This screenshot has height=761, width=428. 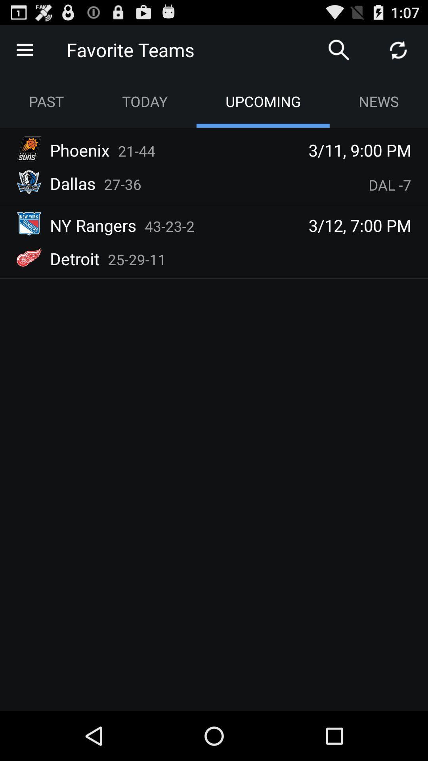 What do you see at coordinates (398, 49) in the screenshot?
I see `share` at bounding box center [398, 49].